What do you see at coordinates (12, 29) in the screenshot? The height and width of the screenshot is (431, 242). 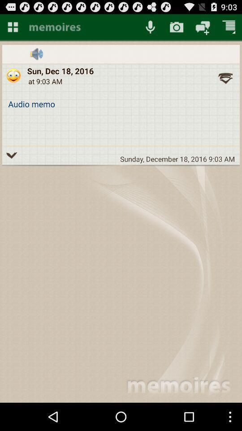 I see `the dashboard icon` at bounding box center [12, 29].